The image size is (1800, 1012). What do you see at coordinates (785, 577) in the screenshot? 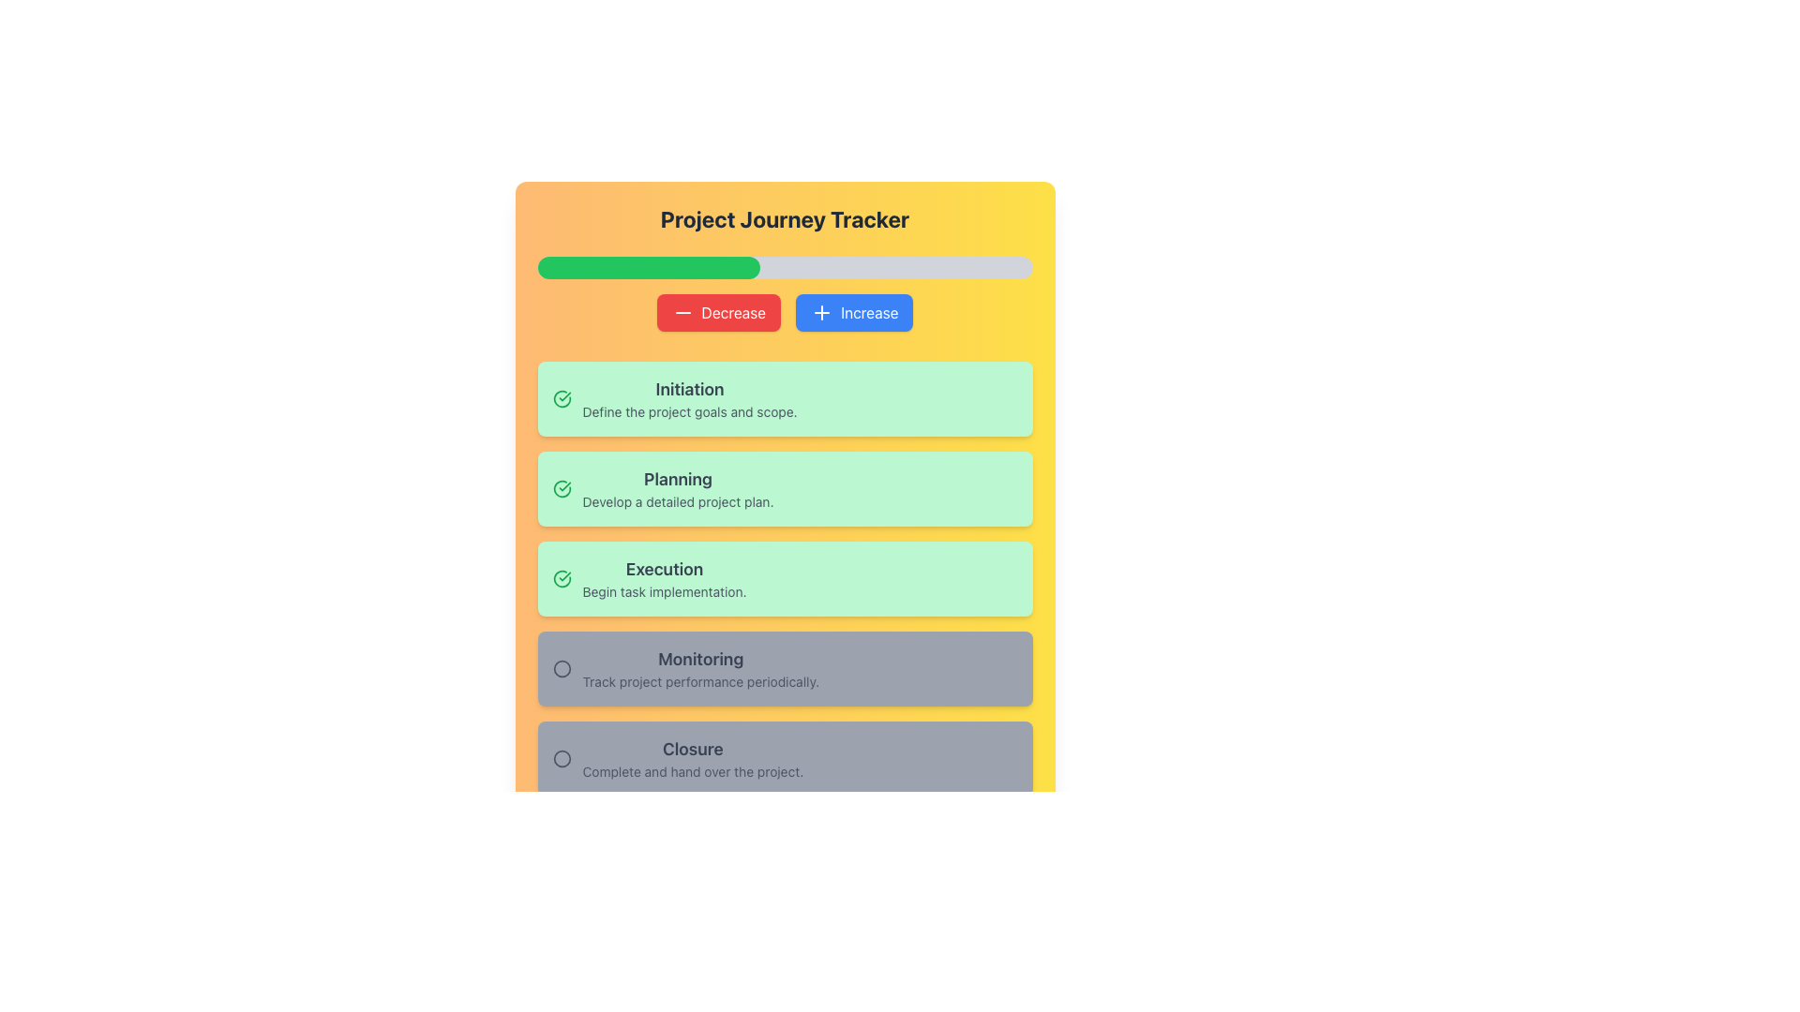
I see `the static informational card labeled 'Execution' in the process tracker that instructs to 'Begin task implementation.'` at bounding box center [785, 577].